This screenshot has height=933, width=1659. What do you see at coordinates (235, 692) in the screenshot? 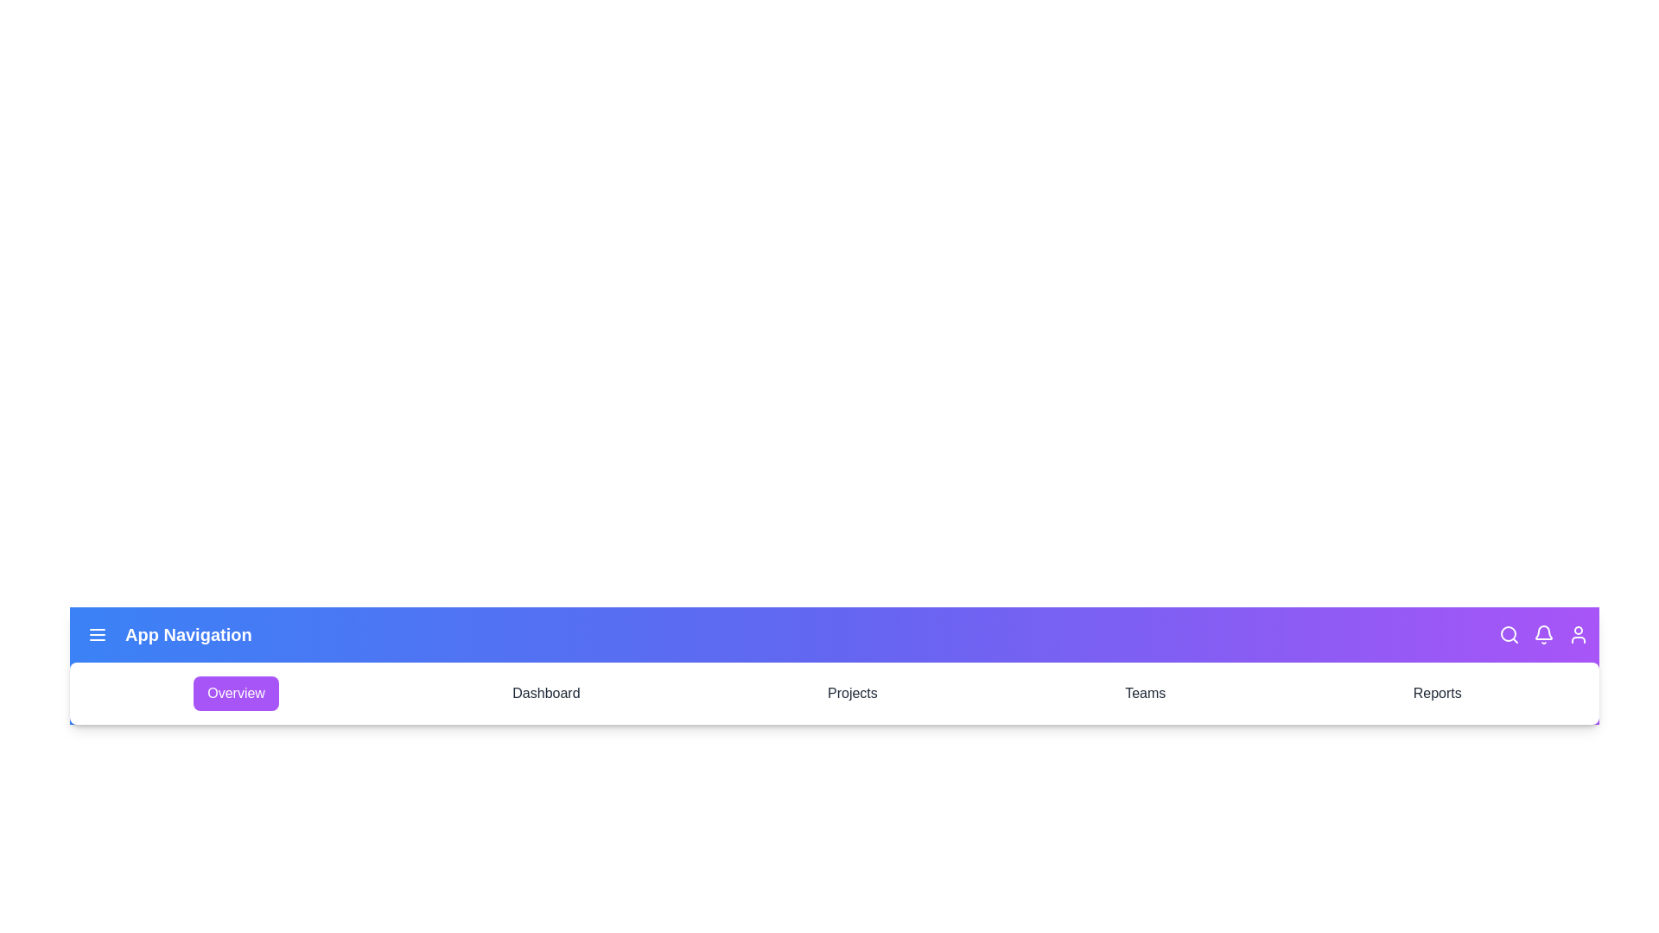
I see `the Overview tab to navigate to it` at bounding box center [235, 692].